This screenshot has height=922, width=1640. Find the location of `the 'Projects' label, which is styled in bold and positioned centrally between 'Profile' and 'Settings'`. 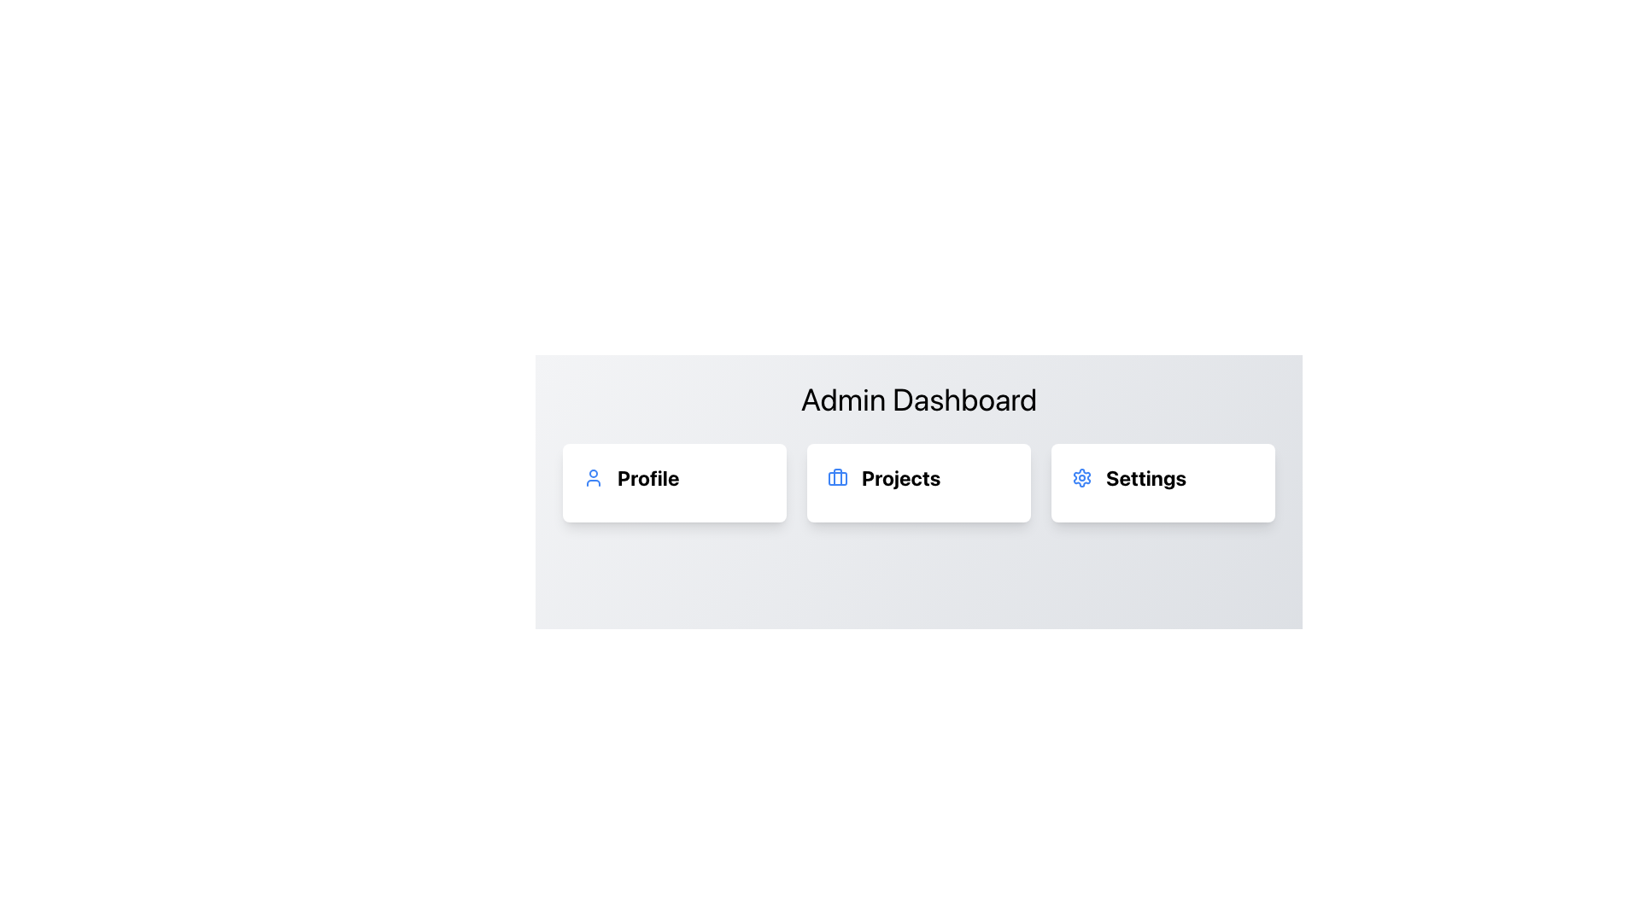

the 'Projects' label, which is styled in bold and positioned centrally between 'Profile' and 'Settings' is located at coordinates (917, 477).